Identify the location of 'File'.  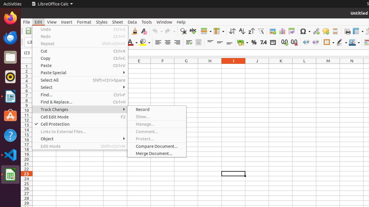
(26, 22).